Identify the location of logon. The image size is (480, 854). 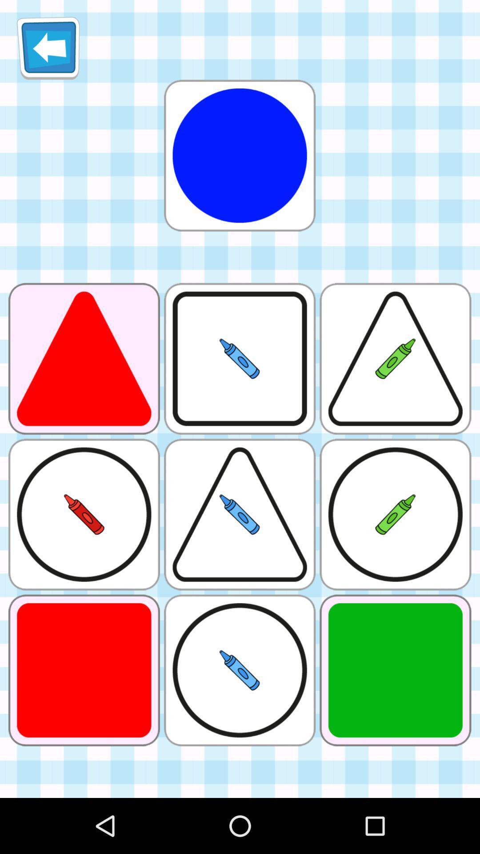
(239, 155).